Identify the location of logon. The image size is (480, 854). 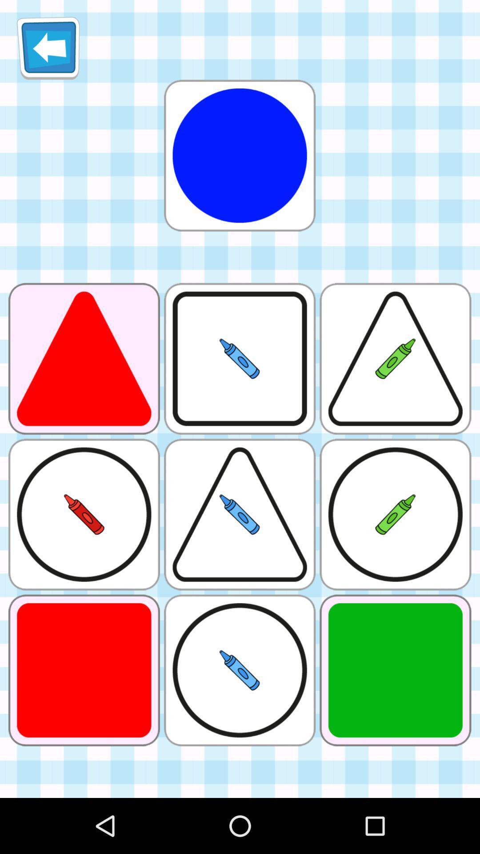
(239, 155).